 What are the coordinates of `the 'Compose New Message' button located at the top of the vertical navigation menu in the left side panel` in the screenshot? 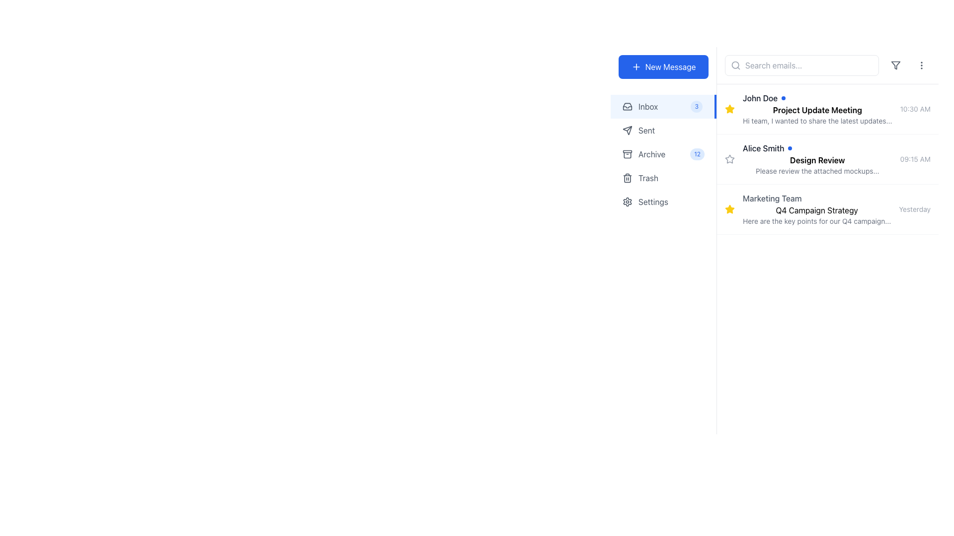 It's located at (663, 67).